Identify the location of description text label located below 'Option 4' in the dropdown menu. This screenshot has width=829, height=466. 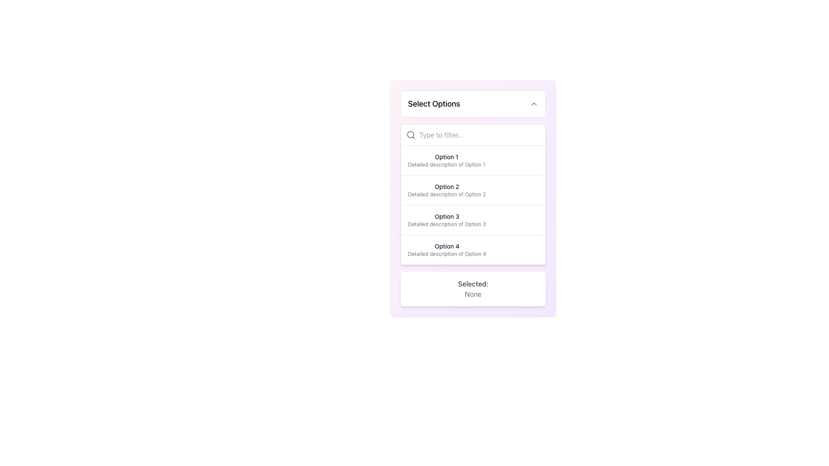
(447, 254).